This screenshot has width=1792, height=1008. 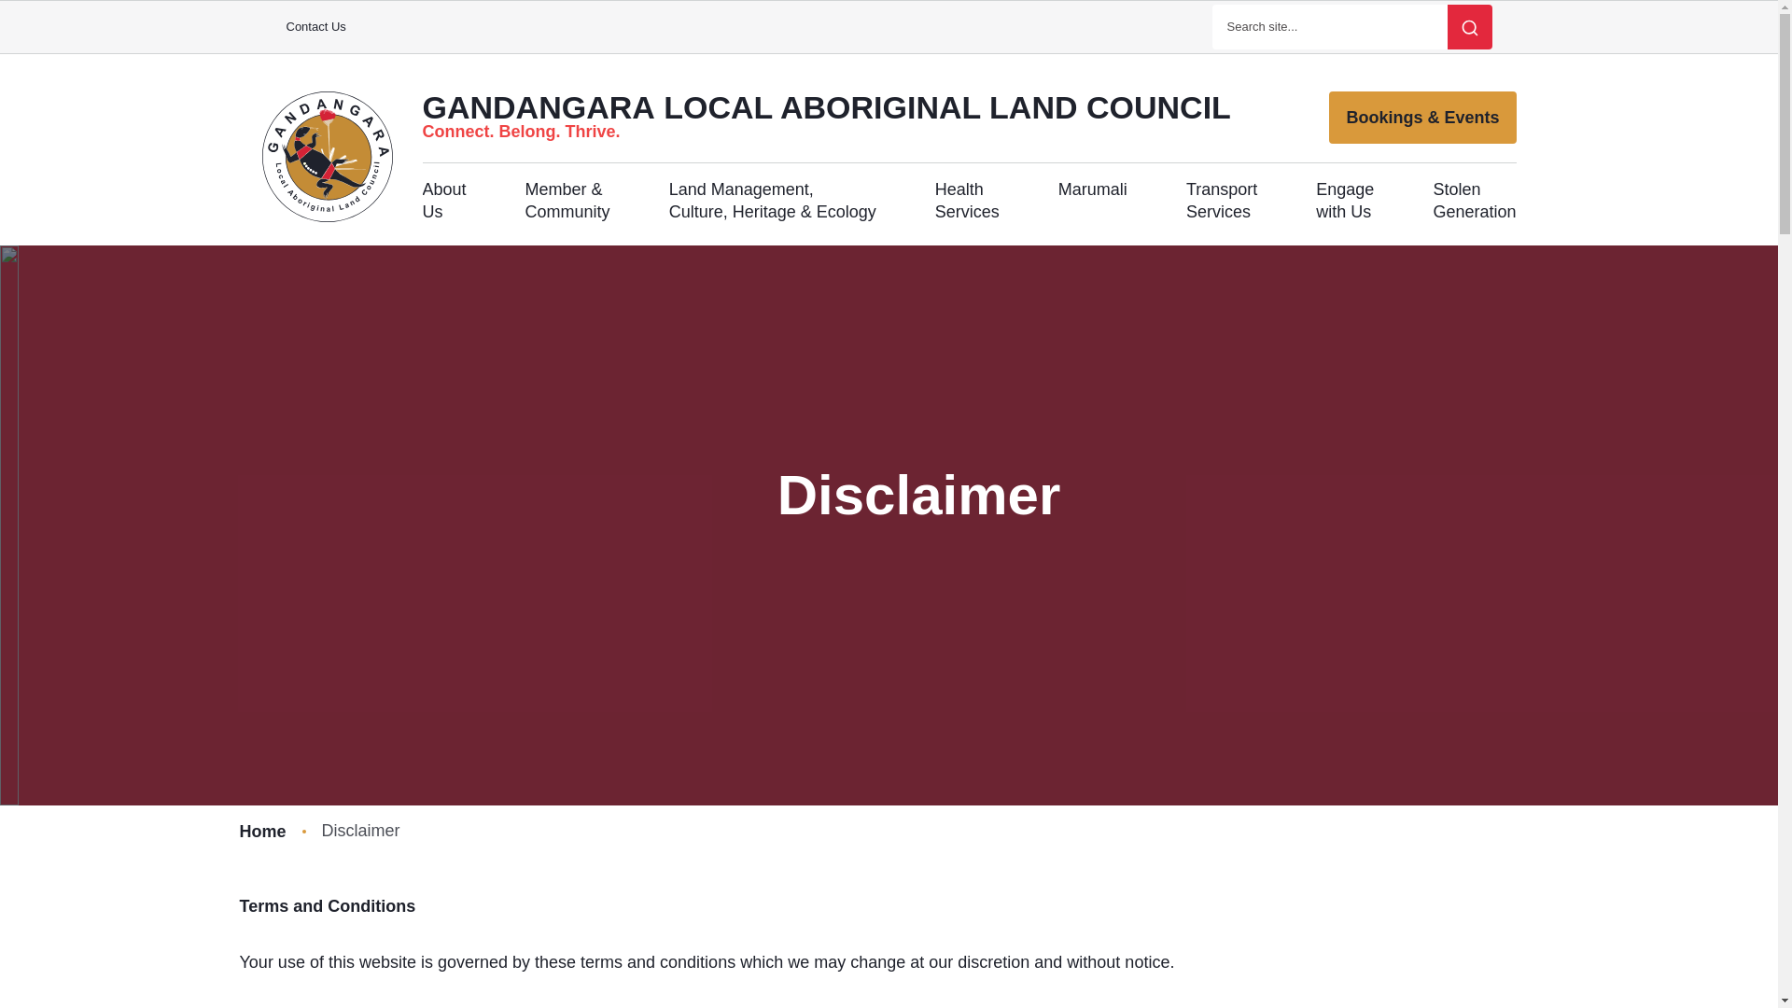 I want to click on 'Engage, so click(x=1344, y=201).